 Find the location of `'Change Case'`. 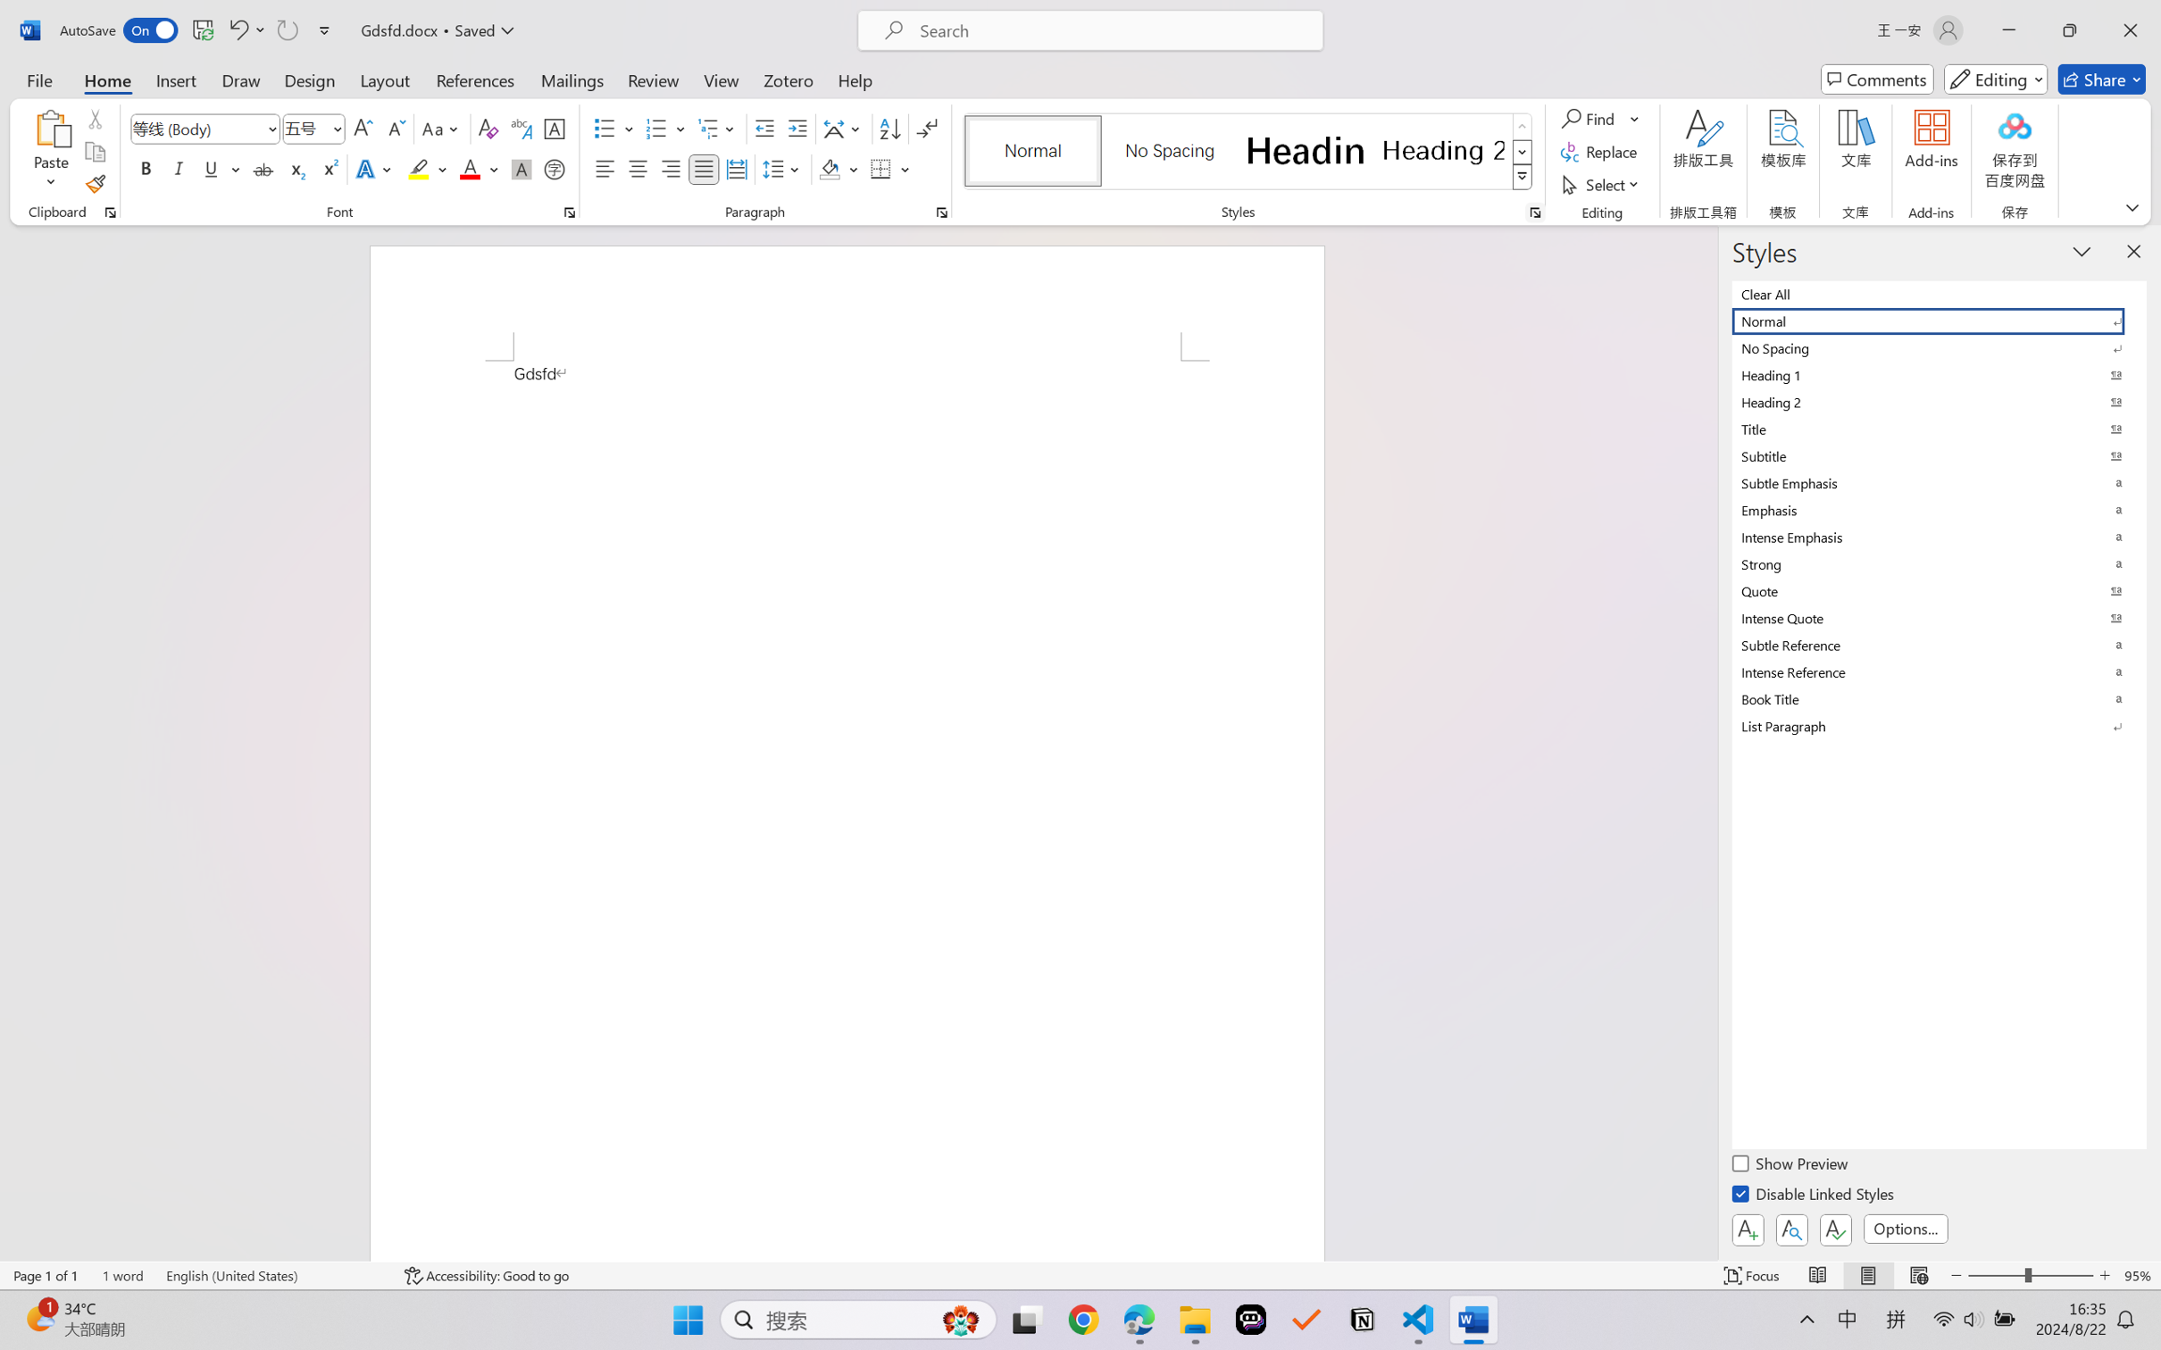

'Change Case' is located at coordinates (440, 129).